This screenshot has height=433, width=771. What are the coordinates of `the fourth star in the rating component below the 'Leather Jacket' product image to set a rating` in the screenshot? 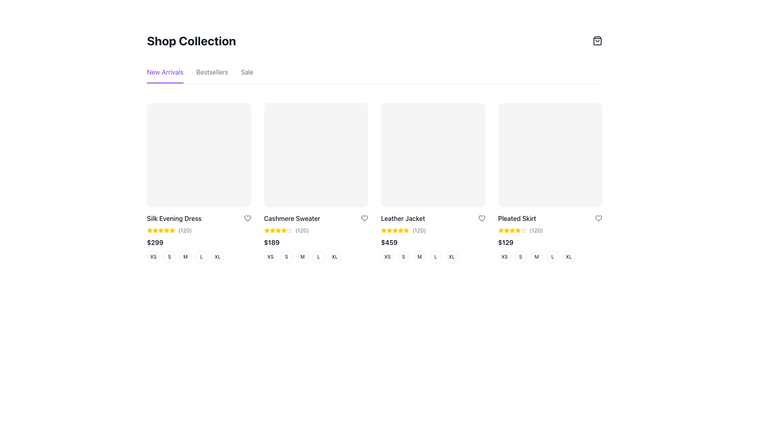 It's located at (383, 230).